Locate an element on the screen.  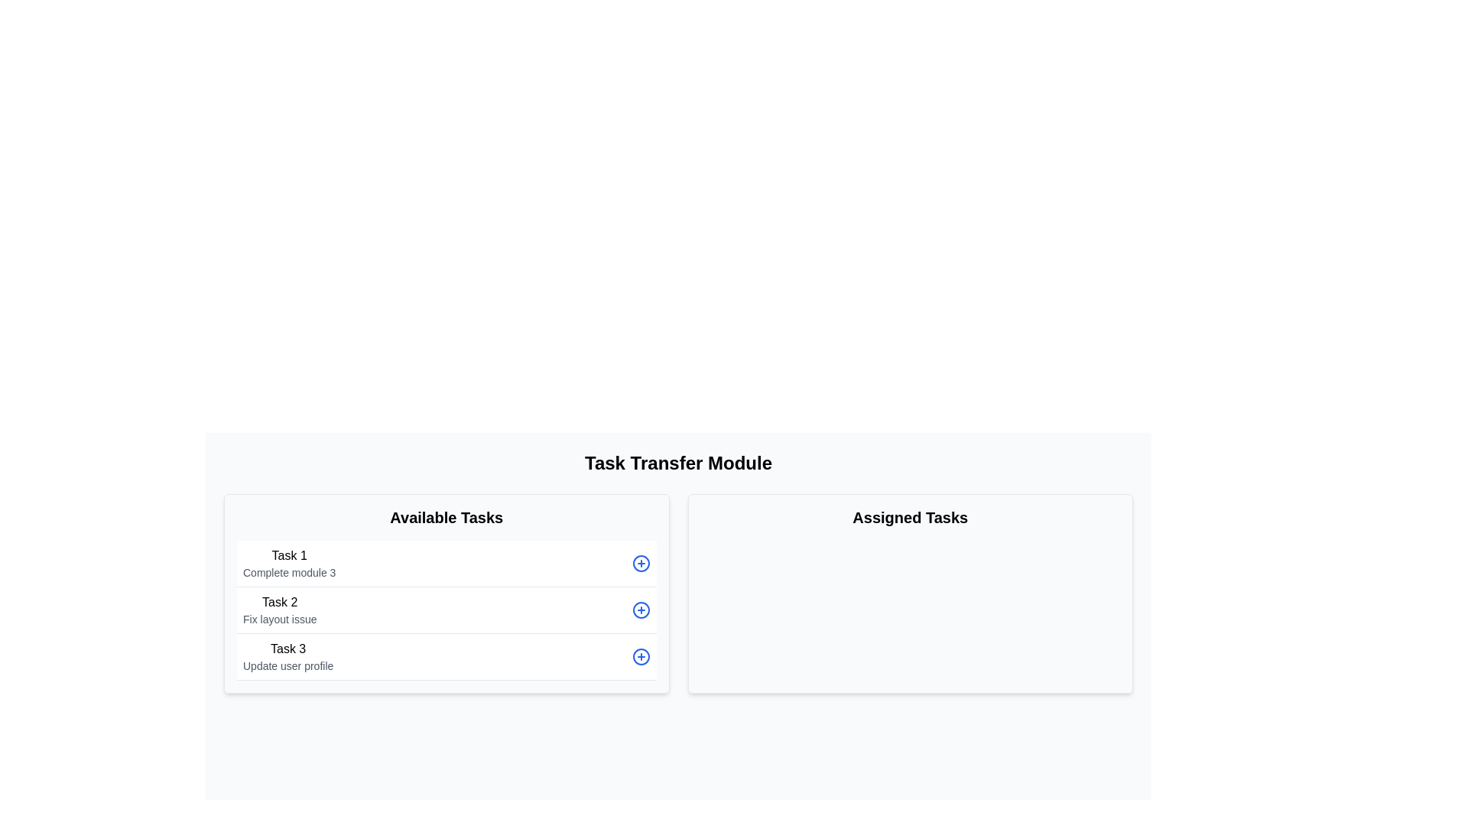
to select the text block containing 'Task 1' in bold and 'Complete module 3' in smaller gray text, located in the first task row under the 'Available Tasks' column is located at coordinates (289, 563).